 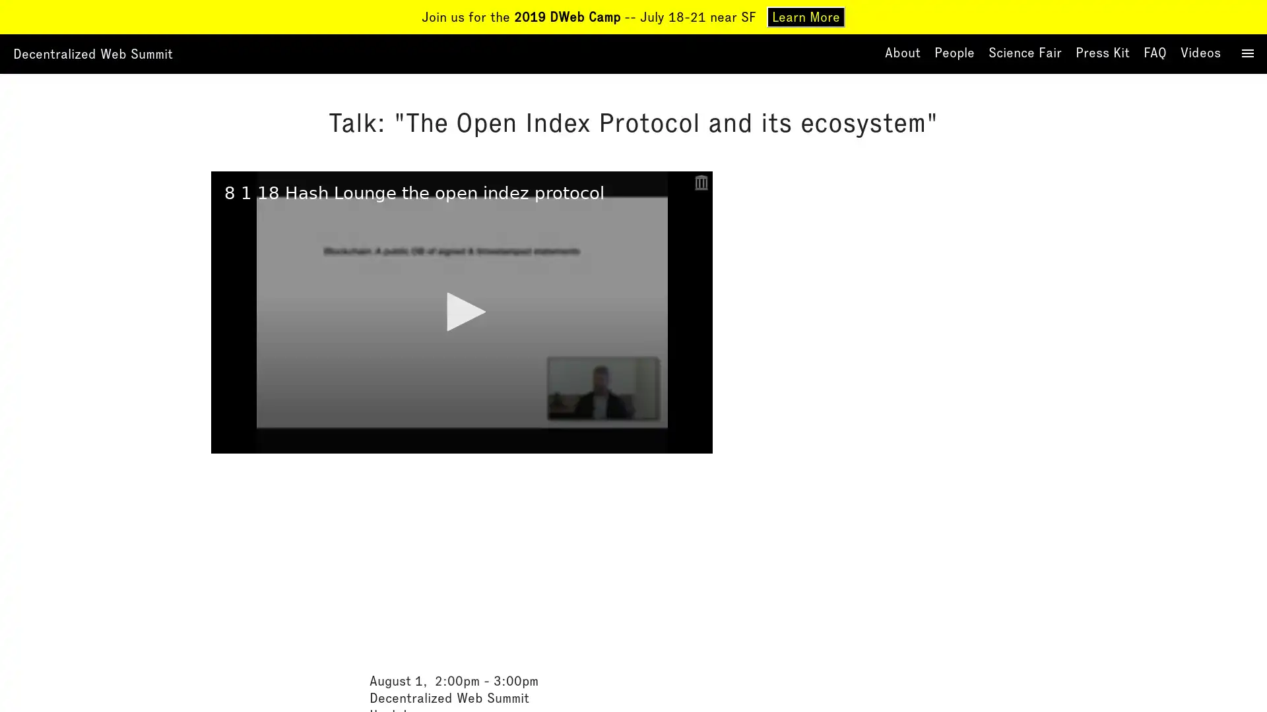 What do you see at coordinates (805, 17) in the screenshot?
I see `Learn More` at bounding box center [805, 17].